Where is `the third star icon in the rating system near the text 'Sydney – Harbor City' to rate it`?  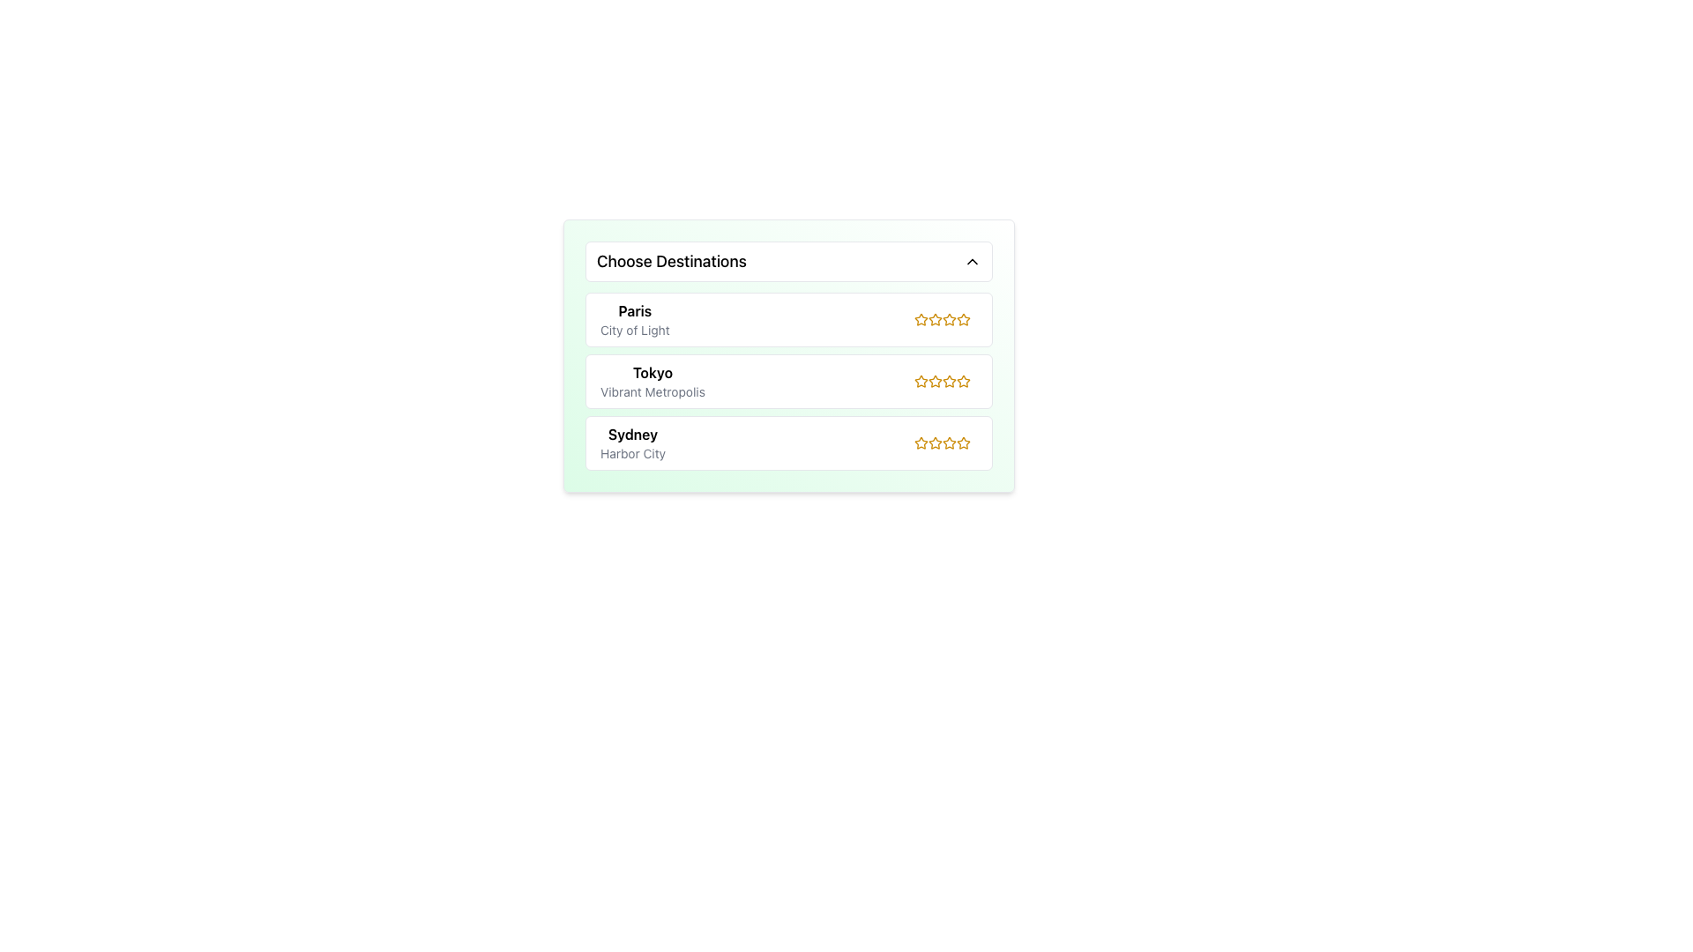 the third star icon in the rating system near the text 'Sydney – Harbor City' to rate it is located at coordinates (942, 442).